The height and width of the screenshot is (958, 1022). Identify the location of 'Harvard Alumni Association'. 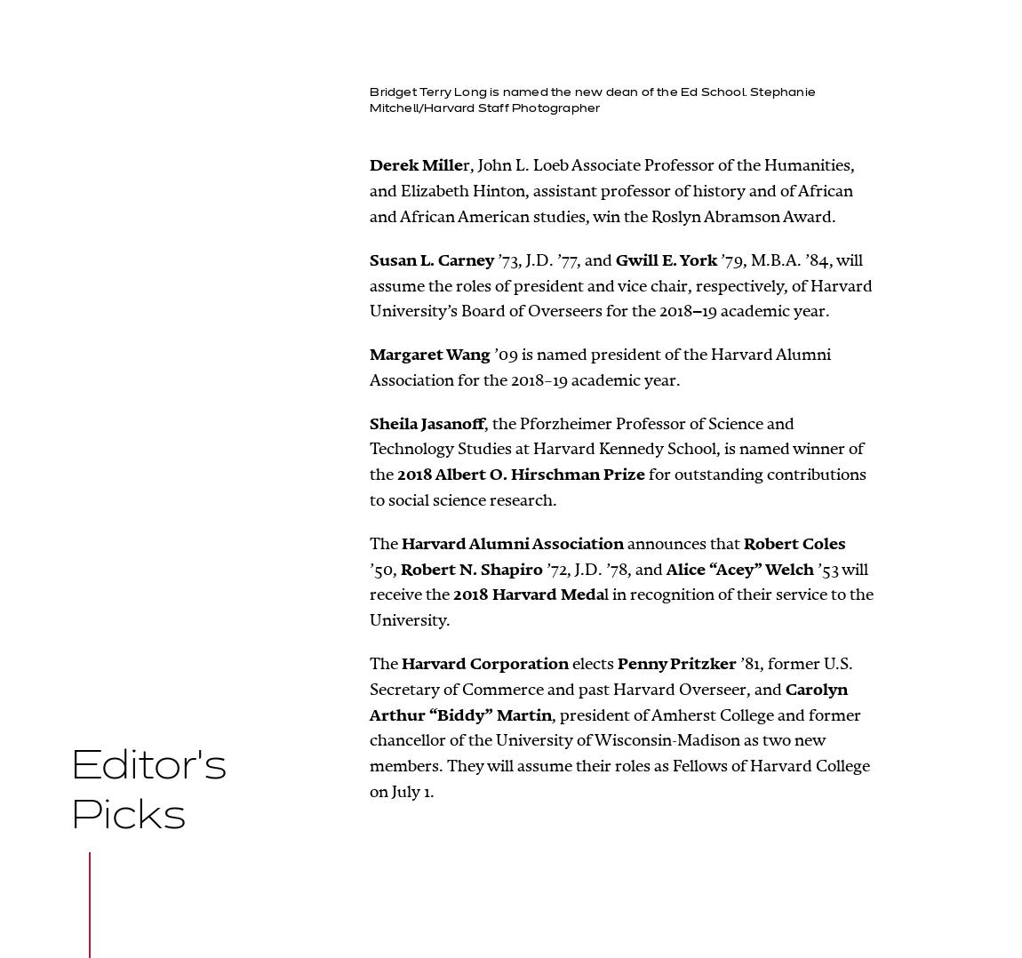
(511, 543).